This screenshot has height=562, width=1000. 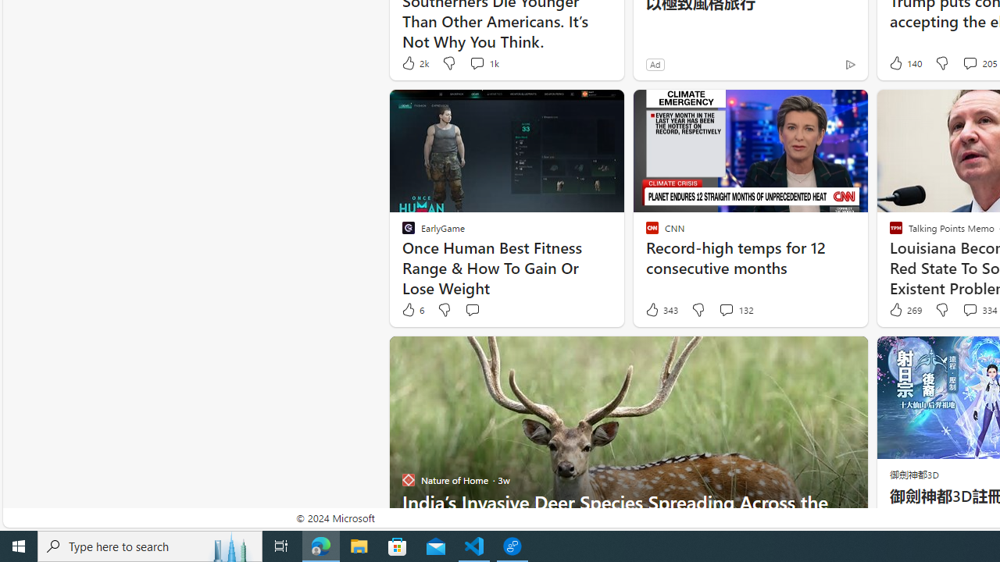 What do you see at coordinates (820, 355) in the screenshot?
I see `'Hide this story'` at bounding box center [820, 355].